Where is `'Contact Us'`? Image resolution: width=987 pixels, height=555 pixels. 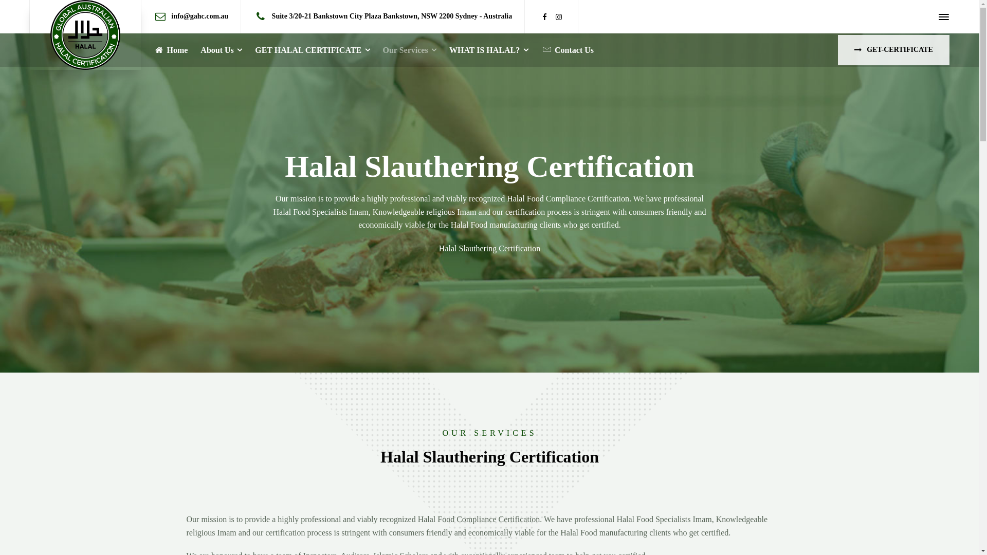
'Contact Us' is located at coordinates (567, 50).